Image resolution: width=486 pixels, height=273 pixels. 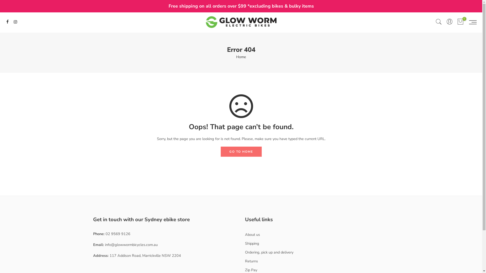 I want to click on 'Home', so click(x=241, y=57).